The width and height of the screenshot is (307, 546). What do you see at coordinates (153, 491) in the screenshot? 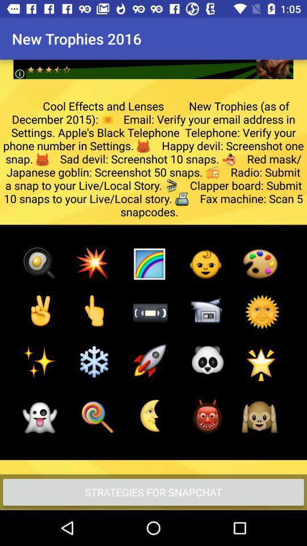
I see `the strategies for snapchat item` at bounding box center [153, 491].